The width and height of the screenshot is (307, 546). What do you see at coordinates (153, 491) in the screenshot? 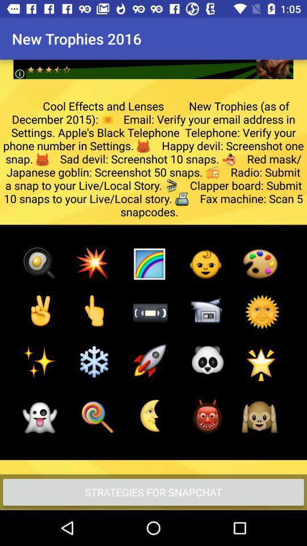
I see `the strategies for snapchat item` at bounding box center [153, 491].